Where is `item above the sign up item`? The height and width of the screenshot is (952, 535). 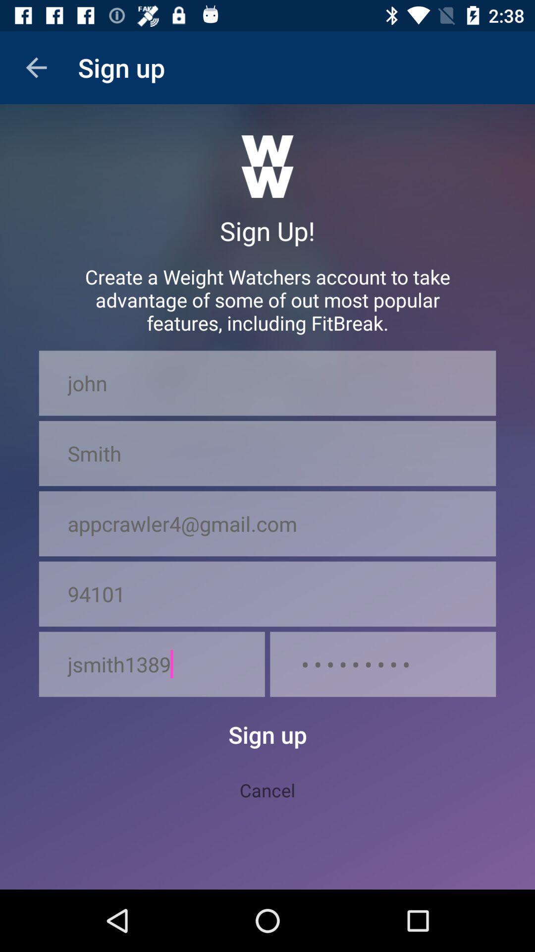 item above the sign up item is located at coordinates (152, 664).